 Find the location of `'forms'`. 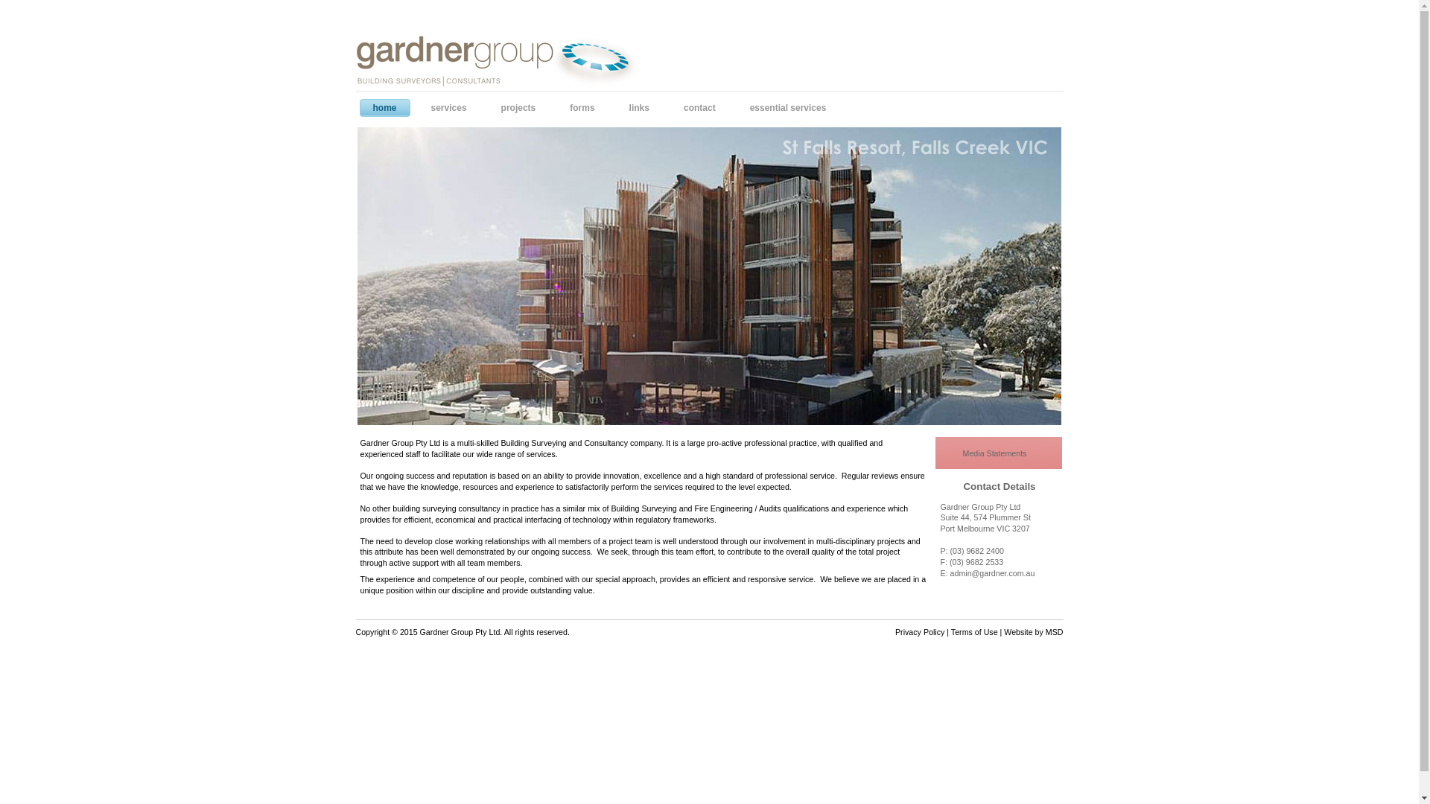

'forms' is located at coordinates (585, 108).